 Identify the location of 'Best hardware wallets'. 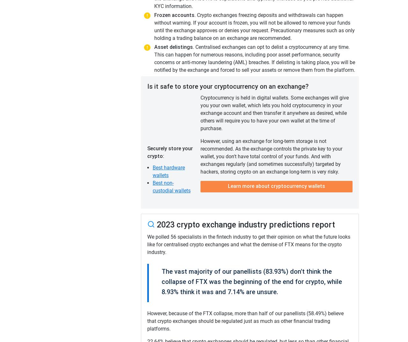
(169, 171).